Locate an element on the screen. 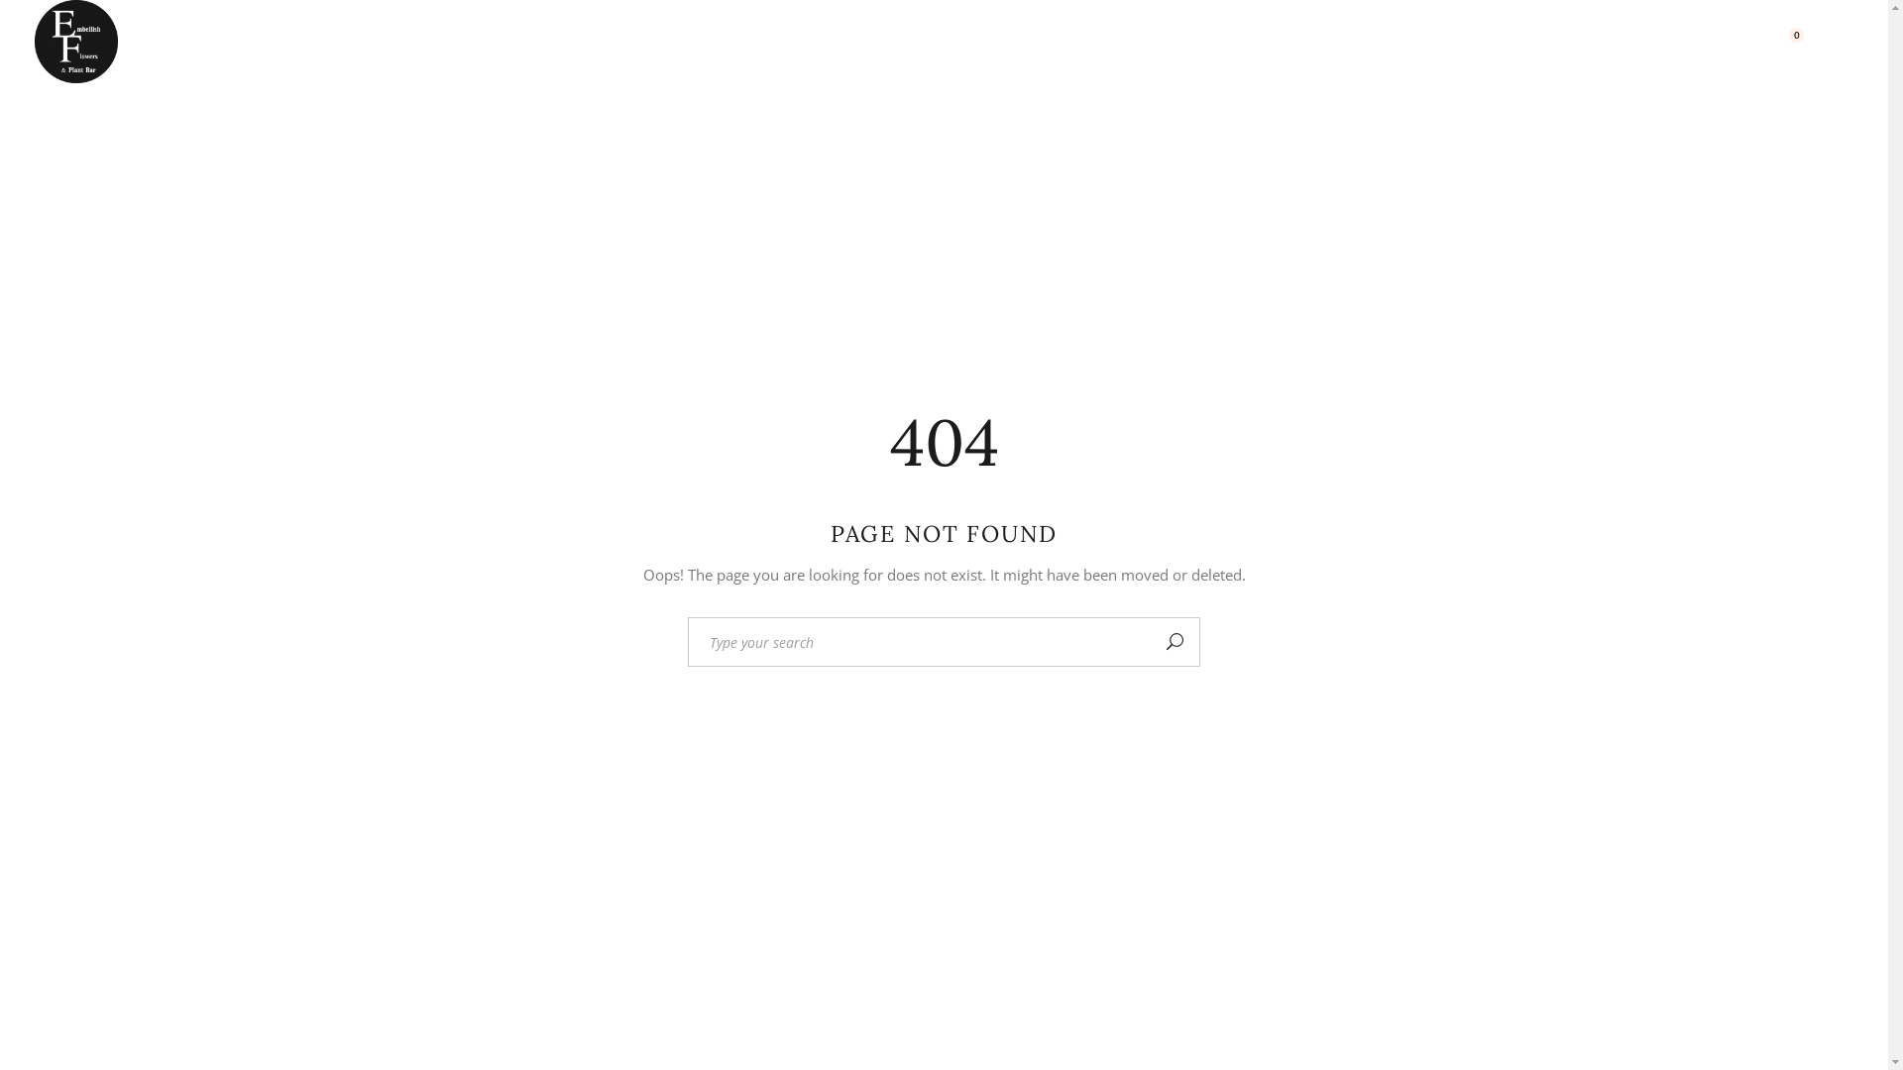 The height and width of the screenshot is (1070, 1903). 'DELIVERY & PAYMENT' is located at coordinates (1256, 42).